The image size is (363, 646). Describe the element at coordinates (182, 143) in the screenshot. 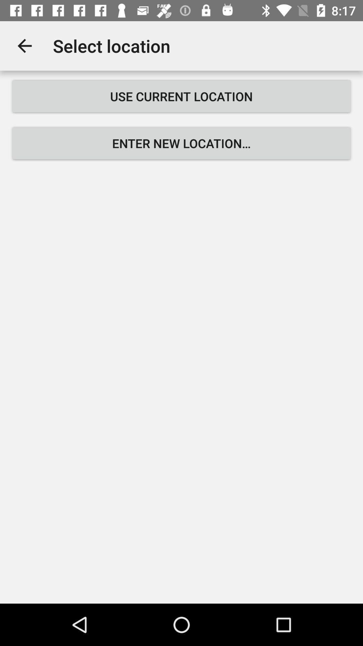

I see `icon below use current location item` at that location.